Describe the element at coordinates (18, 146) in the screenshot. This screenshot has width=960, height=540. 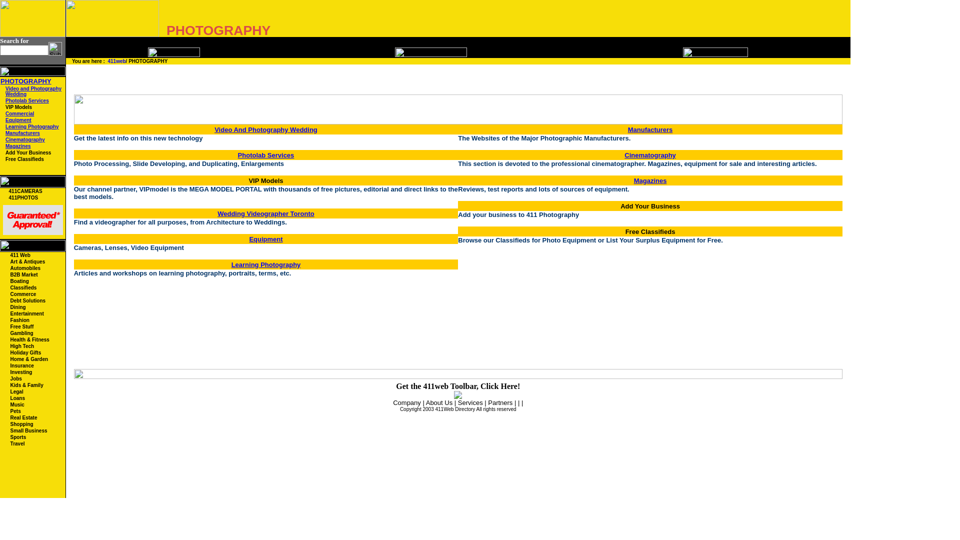
I see `'Magazines'` at that location.